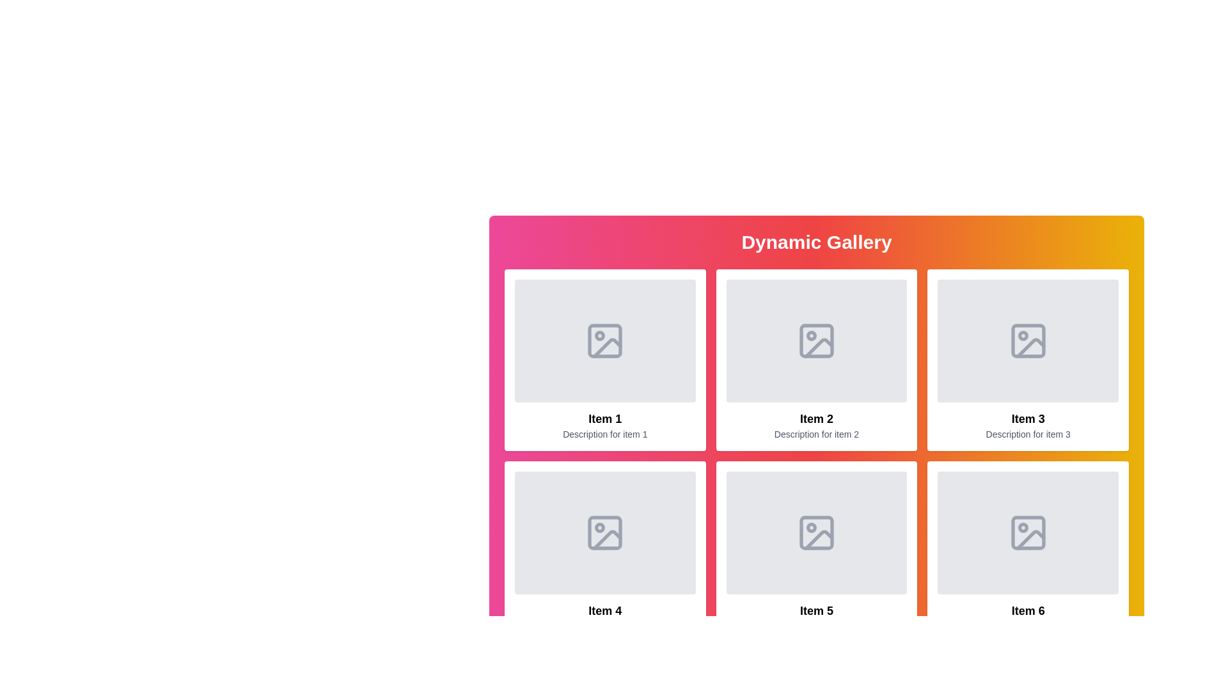 This screenshot has height=691, width=1228. Describe the element at coordinates (815, 242) in the screenshot. I see `the Text Header displaying 'Dynamic Gallery', which is a large bold title text centered at the top of the section with a gradient background` at that location.